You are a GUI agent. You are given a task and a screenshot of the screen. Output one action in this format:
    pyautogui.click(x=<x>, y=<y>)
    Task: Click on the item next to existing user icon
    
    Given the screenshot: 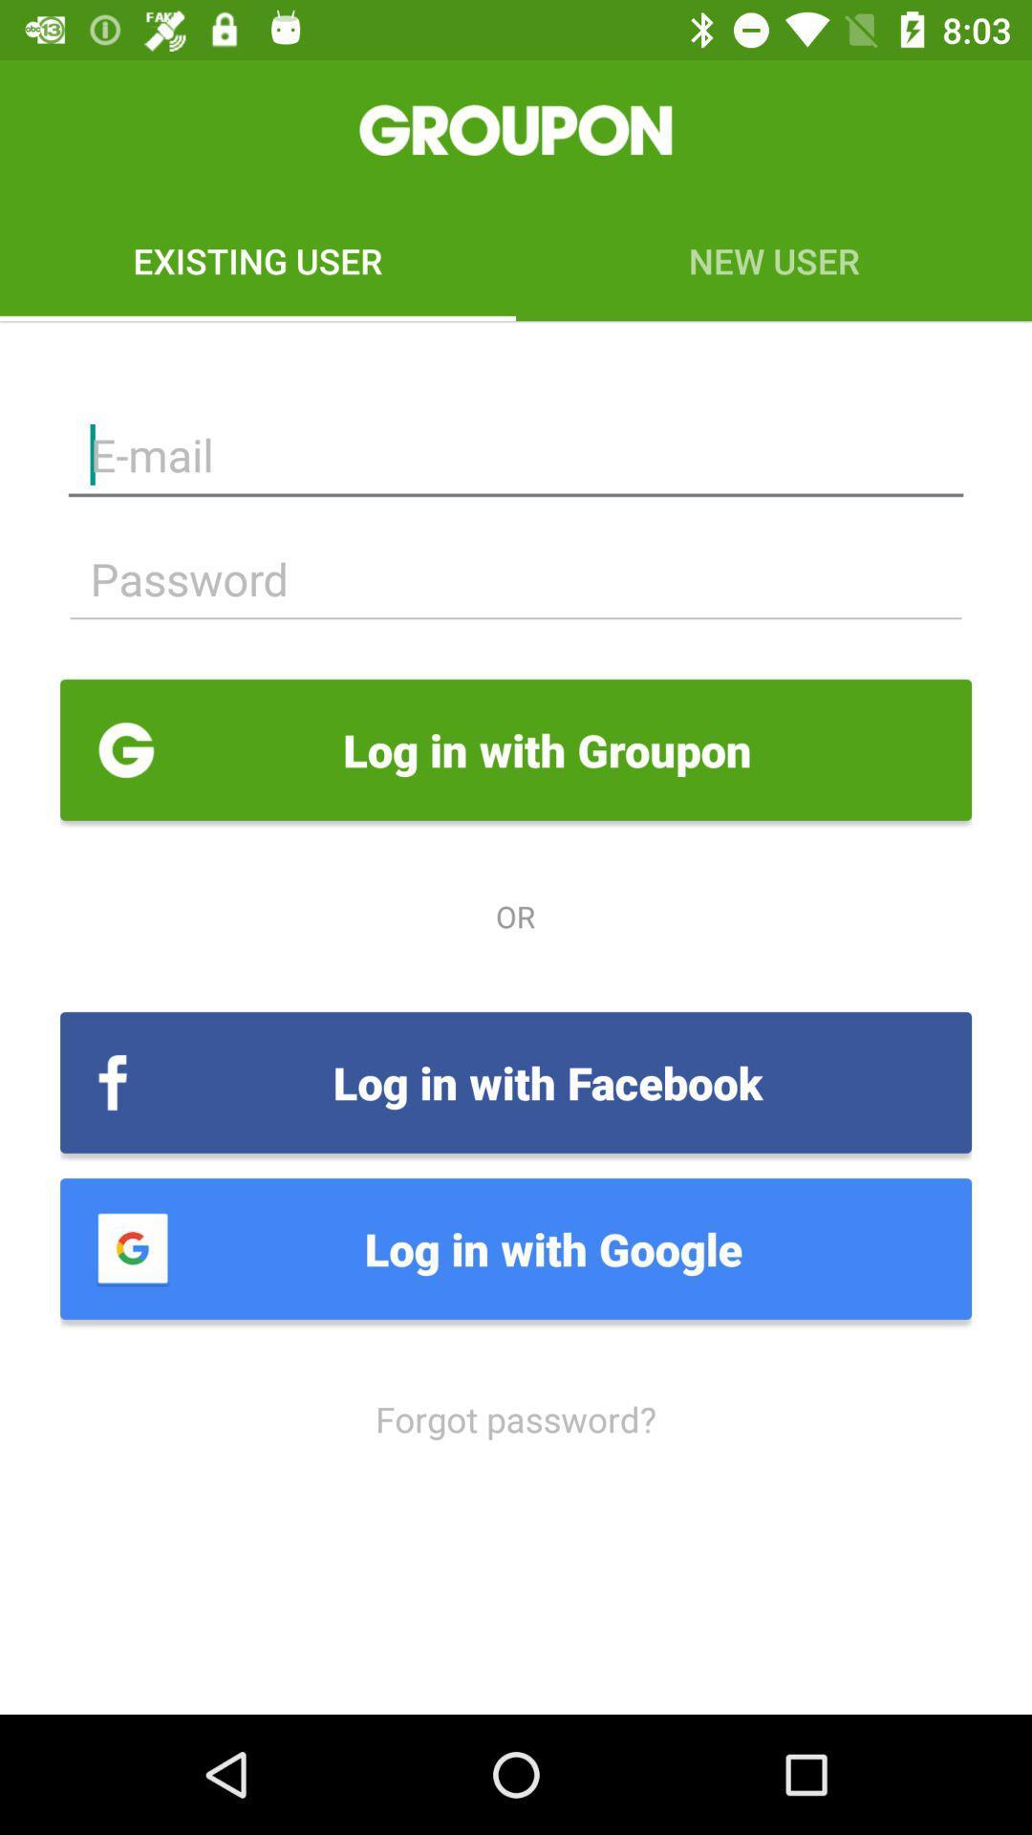 What is the action you would take?
    pyautogui.click(x=774, y=260)
    